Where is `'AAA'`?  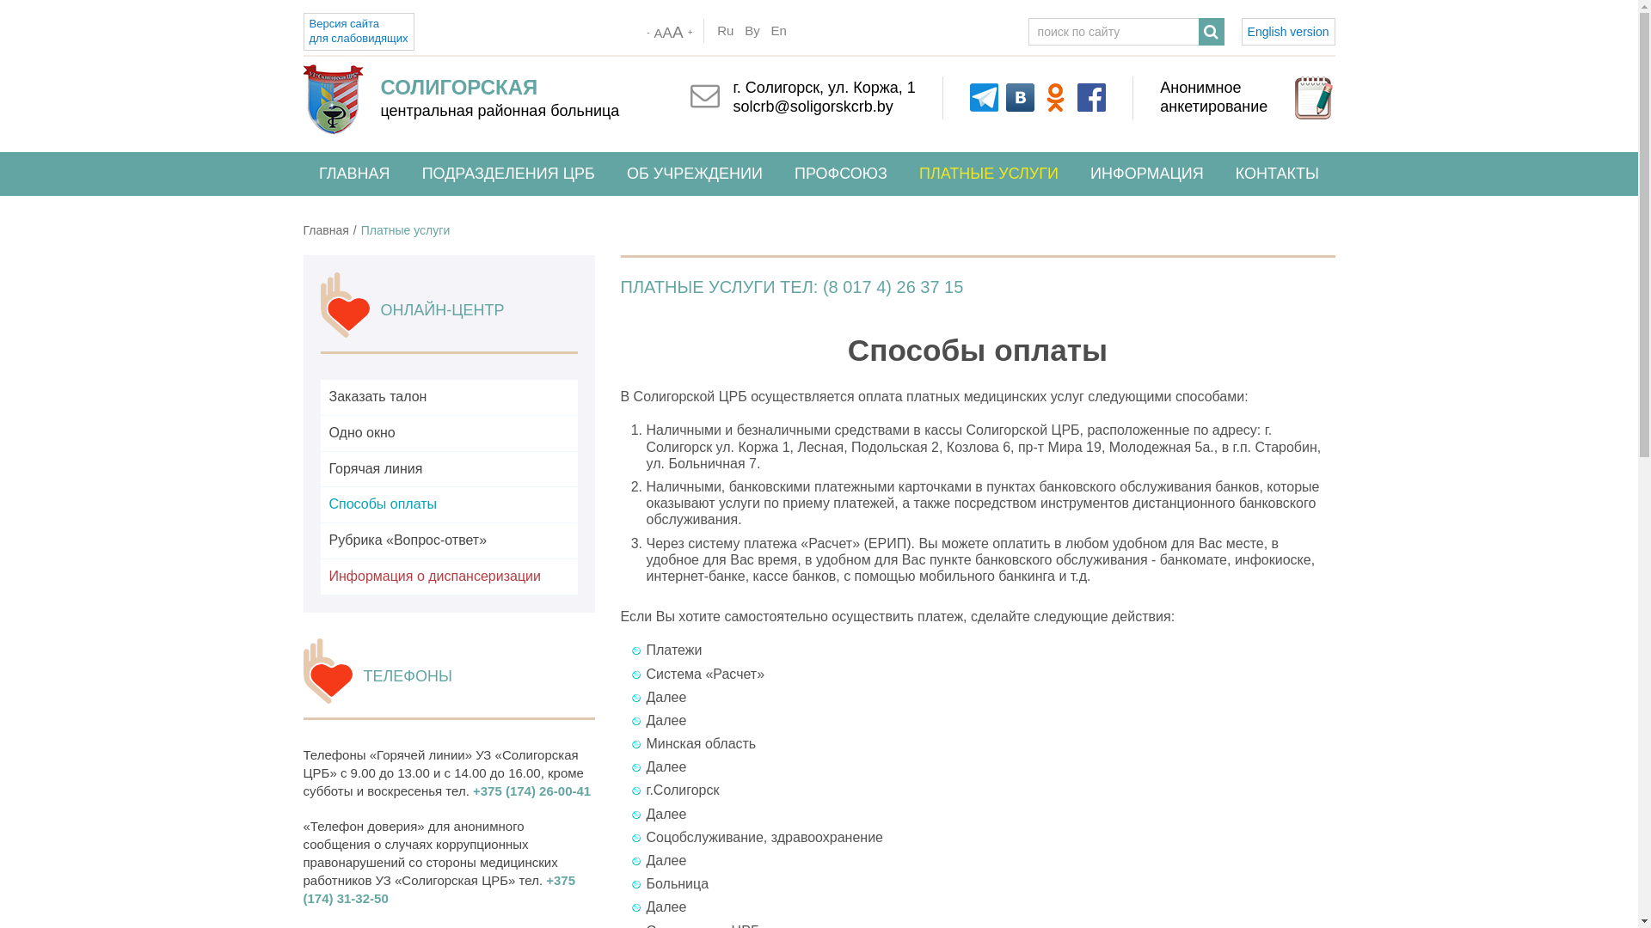
'AAA' is located at coordinates (667, 33).